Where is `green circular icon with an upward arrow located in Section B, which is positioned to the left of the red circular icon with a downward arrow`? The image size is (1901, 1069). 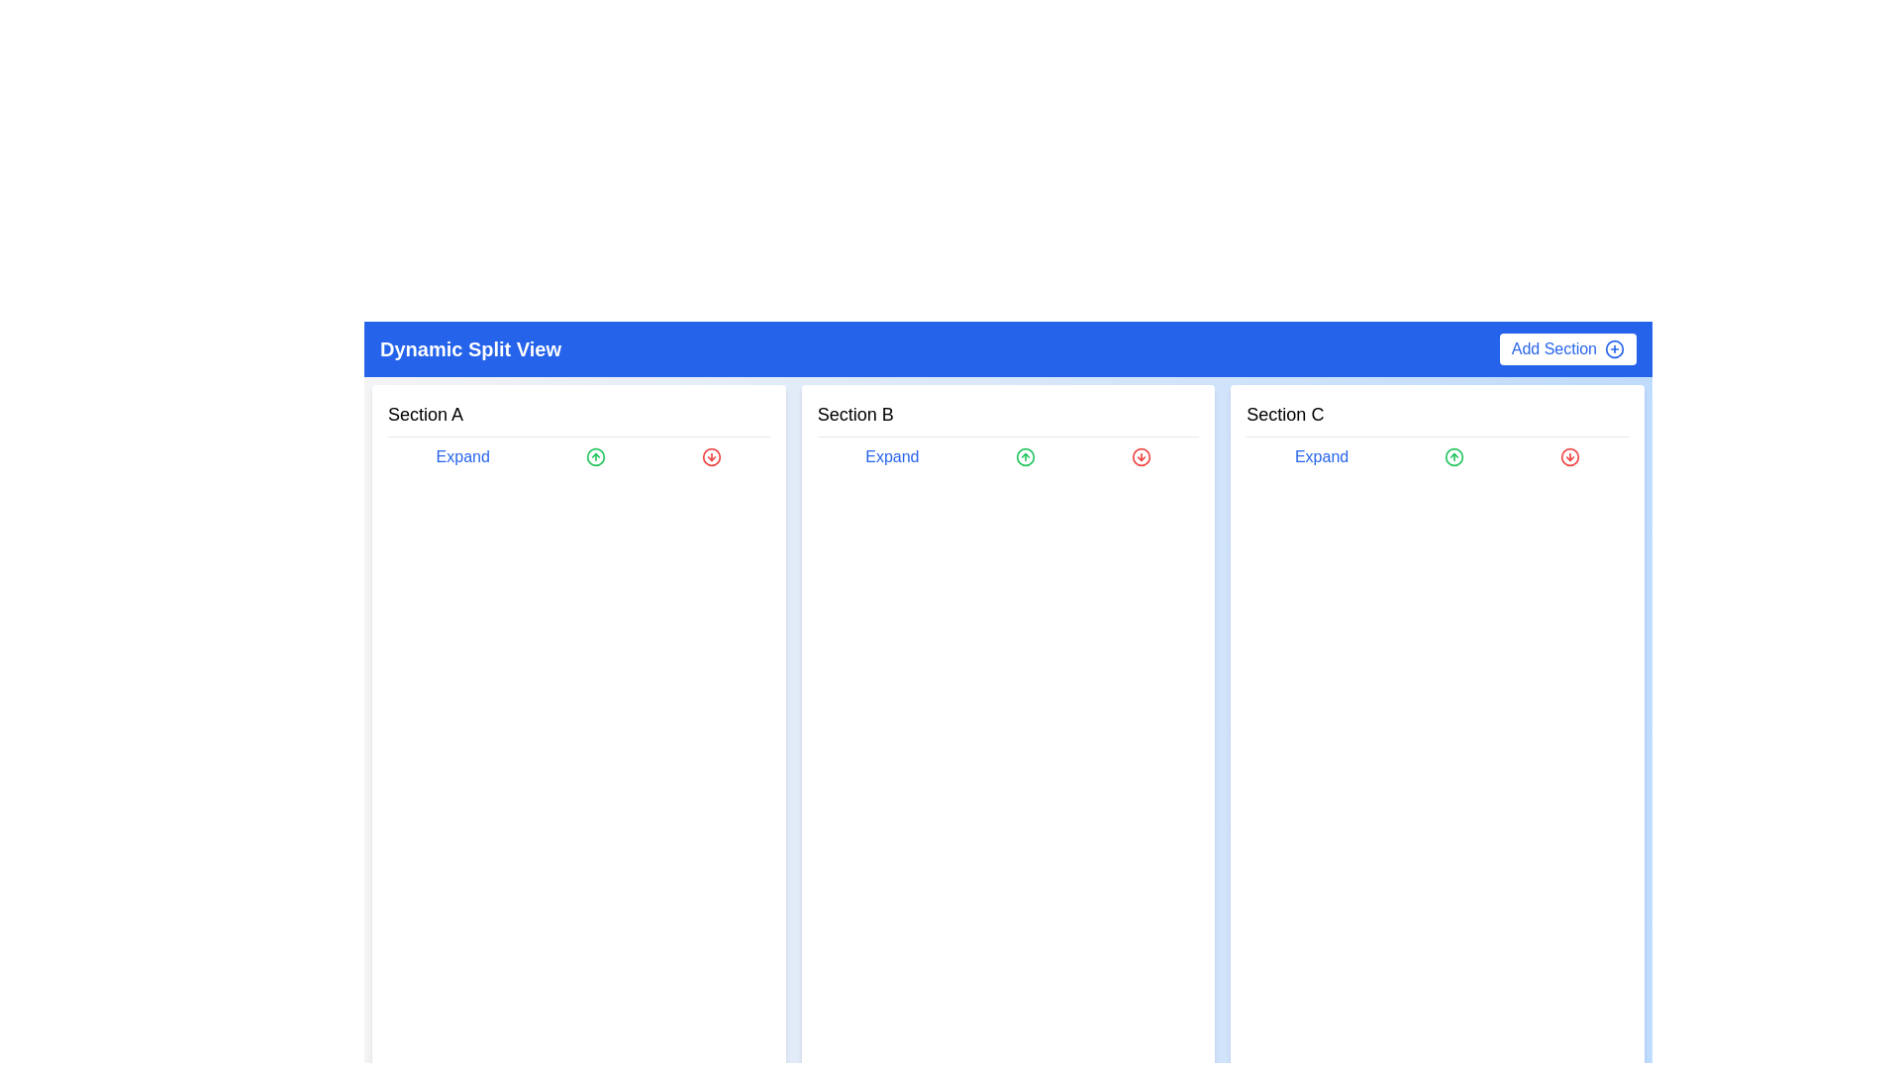
green circular icon with an upward arrow located in Section B, which is positioned to the left of the red circular icon with a downward arrow is located at coordinates (1025, 457).